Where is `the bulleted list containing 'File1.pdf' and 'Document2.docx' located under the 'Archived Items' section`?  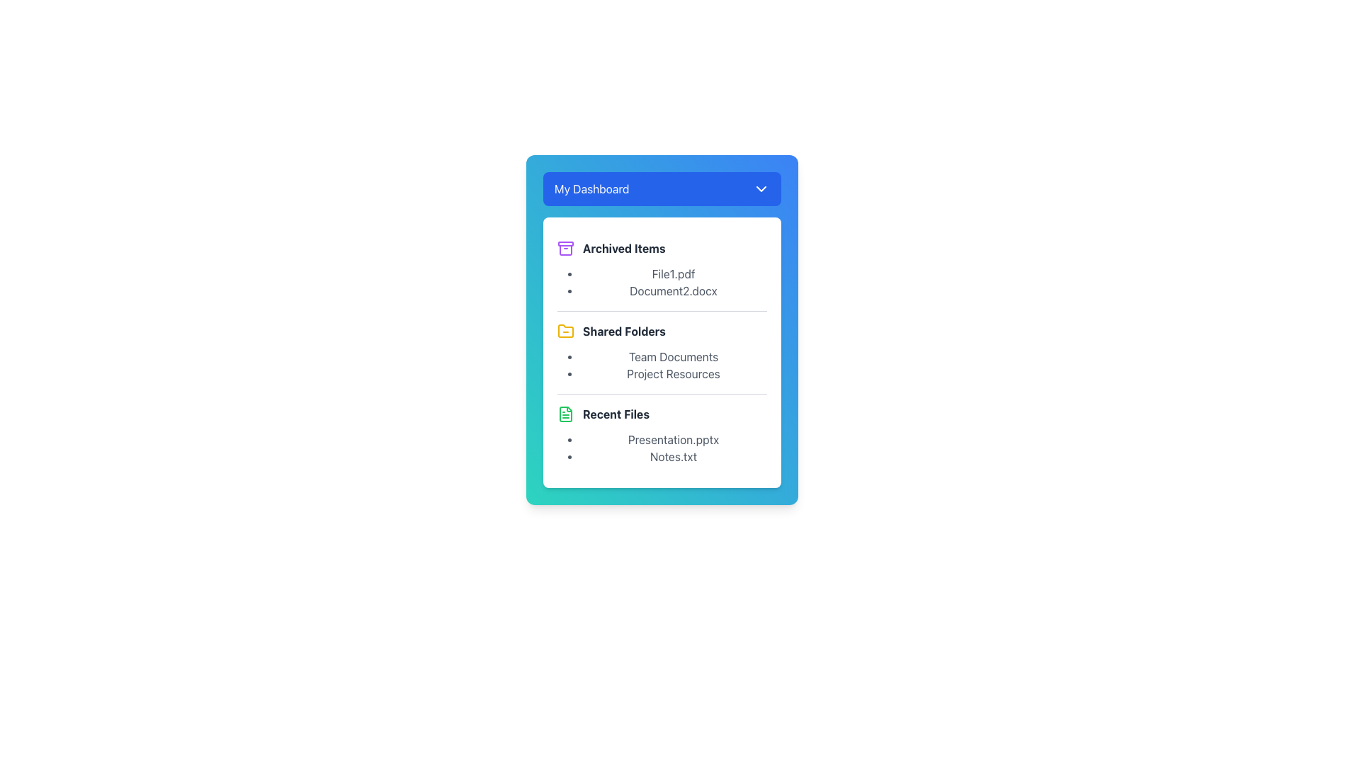
the bulleted list containing 'File1.pdf' and 'Document2.docx' located under the 'Archived Items' section is located at coordinates (662, 282).